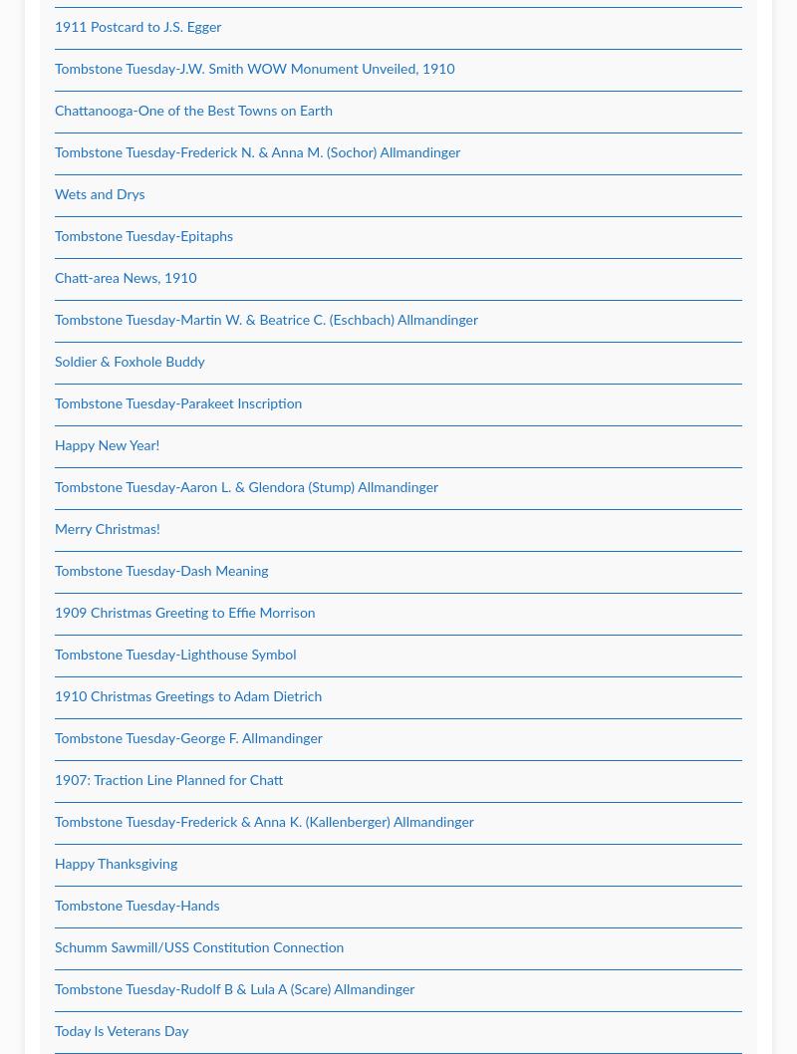 Image resolution: width=797 pixels, height=1054 pixels. What do you see at coordinates (253, 70) in the screenshot?
I see `'Tombstone Tuesday-J.W. Smith WOW Monument Unveiled, 1910'` at bounding box center [253, 70].